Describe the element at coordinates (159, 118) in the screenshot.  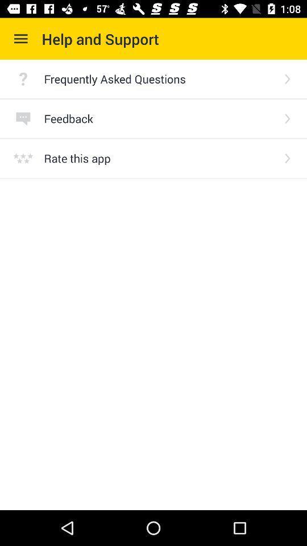
I see `feedback item` at that location.